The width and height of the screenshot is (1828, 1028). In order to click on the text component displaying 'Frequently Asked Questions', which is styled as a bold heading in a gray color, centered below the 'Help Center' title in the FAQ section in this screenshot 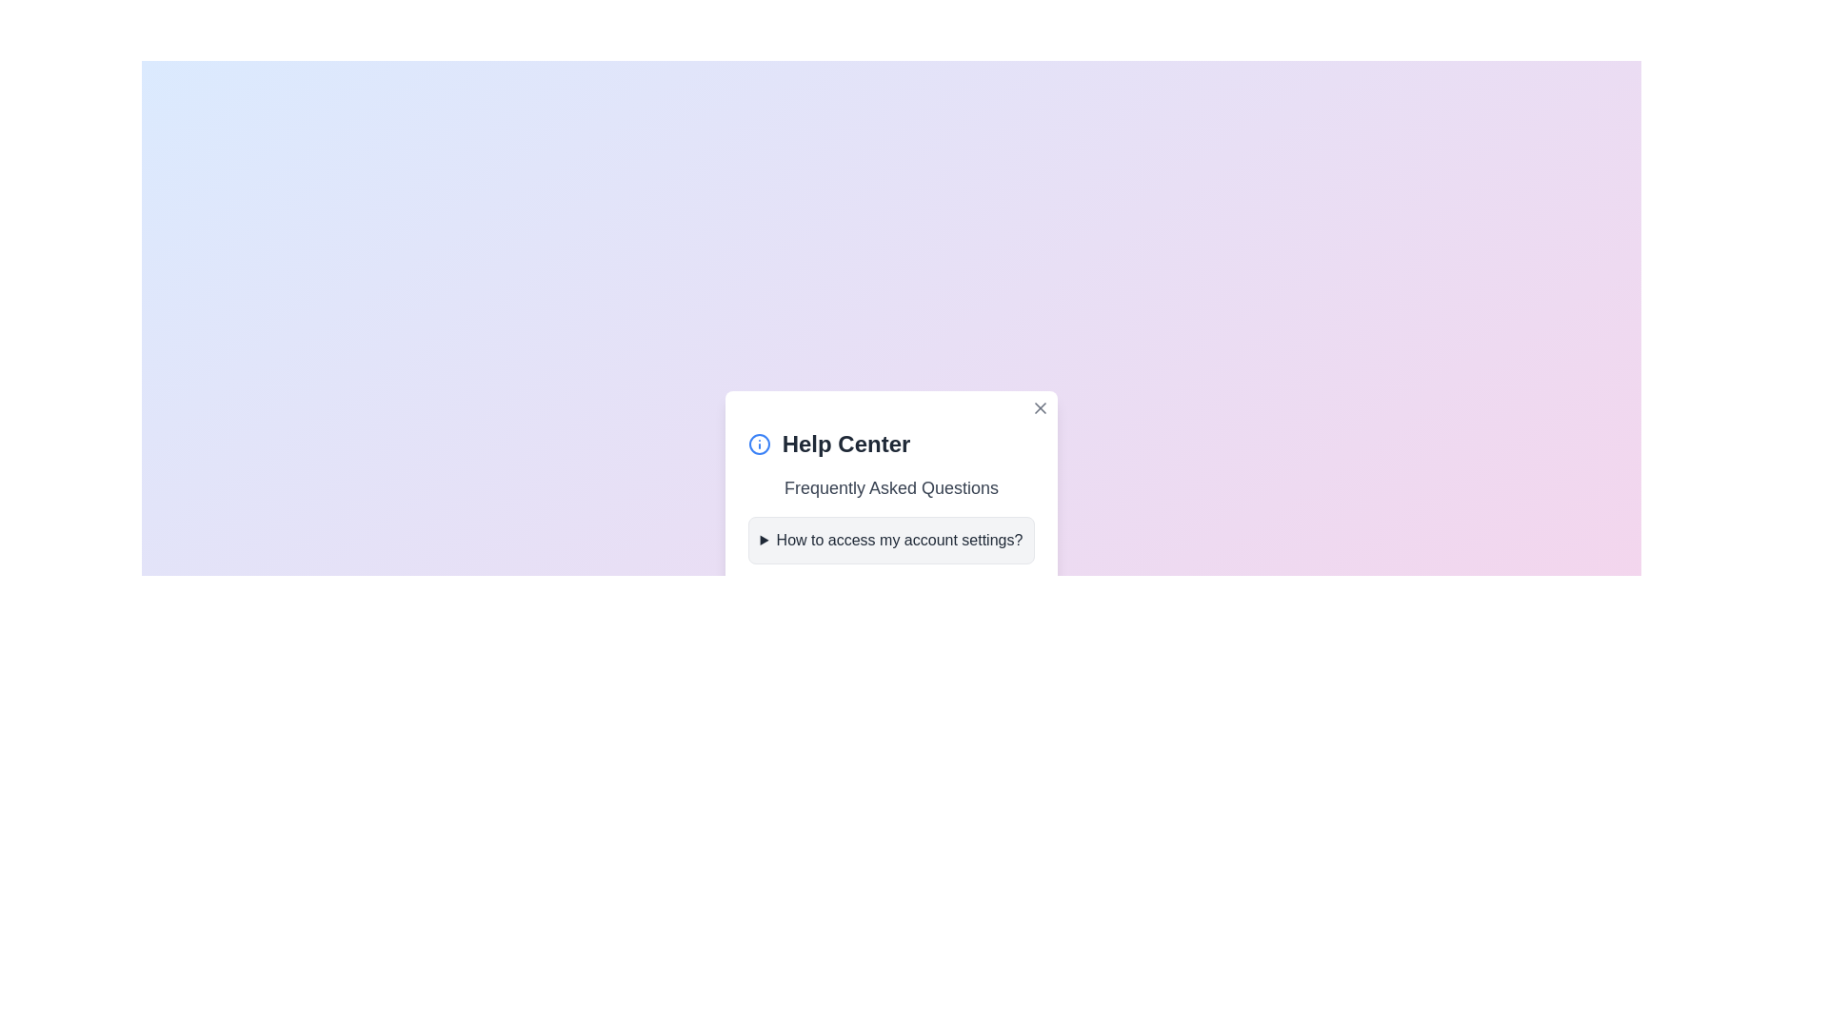, I will do `click(890, 487)`.